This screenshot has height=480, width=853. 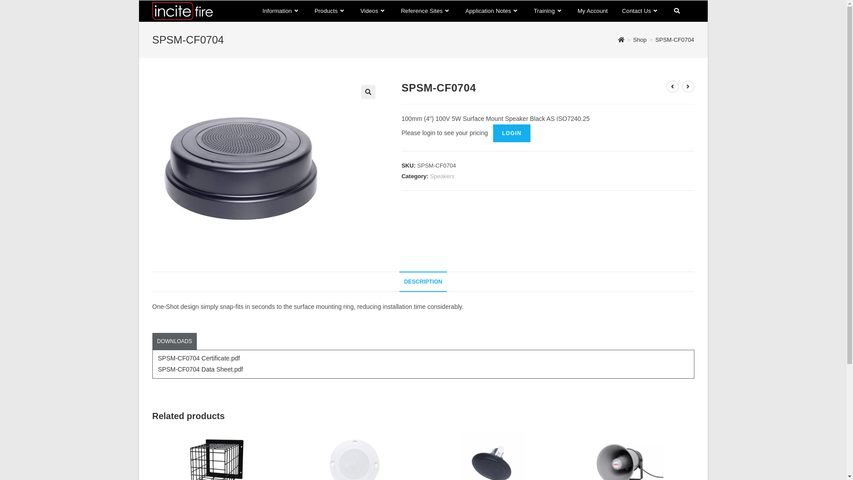 I want to click on 'SPSM-CF0704 Data Sheet.pdf', so click(x=200, y=369).